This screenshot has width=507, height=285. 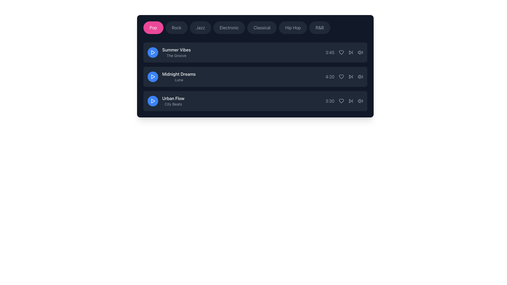 I want to click on the triangular play icon within the blue circular button next to the first music track titled 'Summer Vibes' for advanced interactions, so click(x=153, y=53).